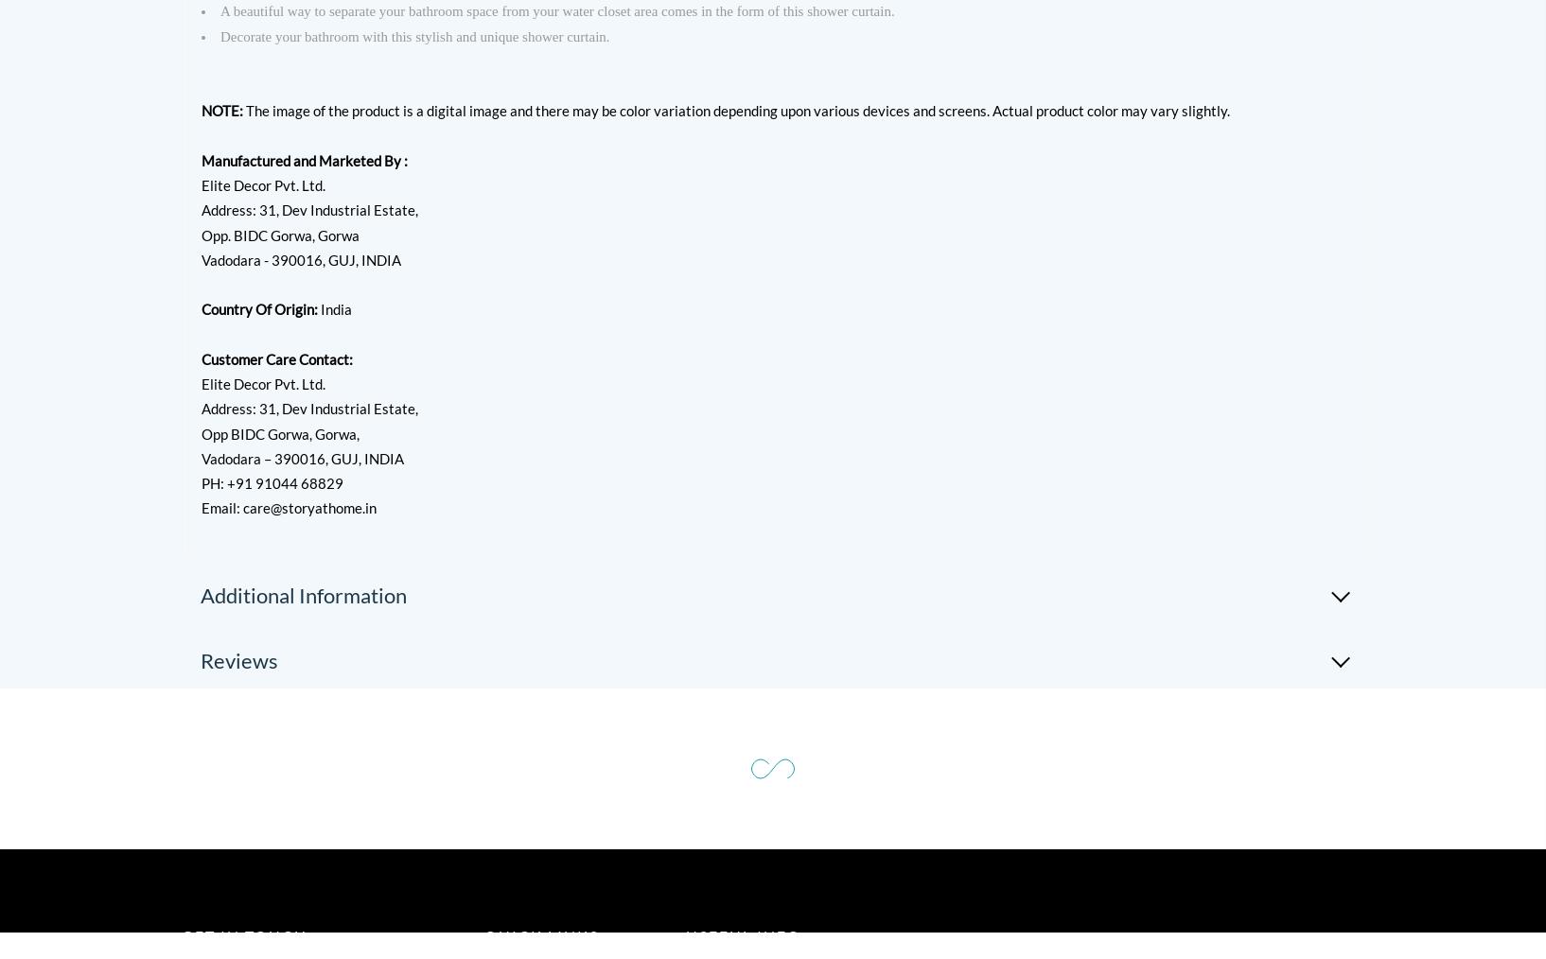 The width and height of the screenshot is (1546, 959). What do you see at coordinates (272, 481) in the screenshot?
I see `'PH: +91 91044 68829'` at bounding box center [272, 481].